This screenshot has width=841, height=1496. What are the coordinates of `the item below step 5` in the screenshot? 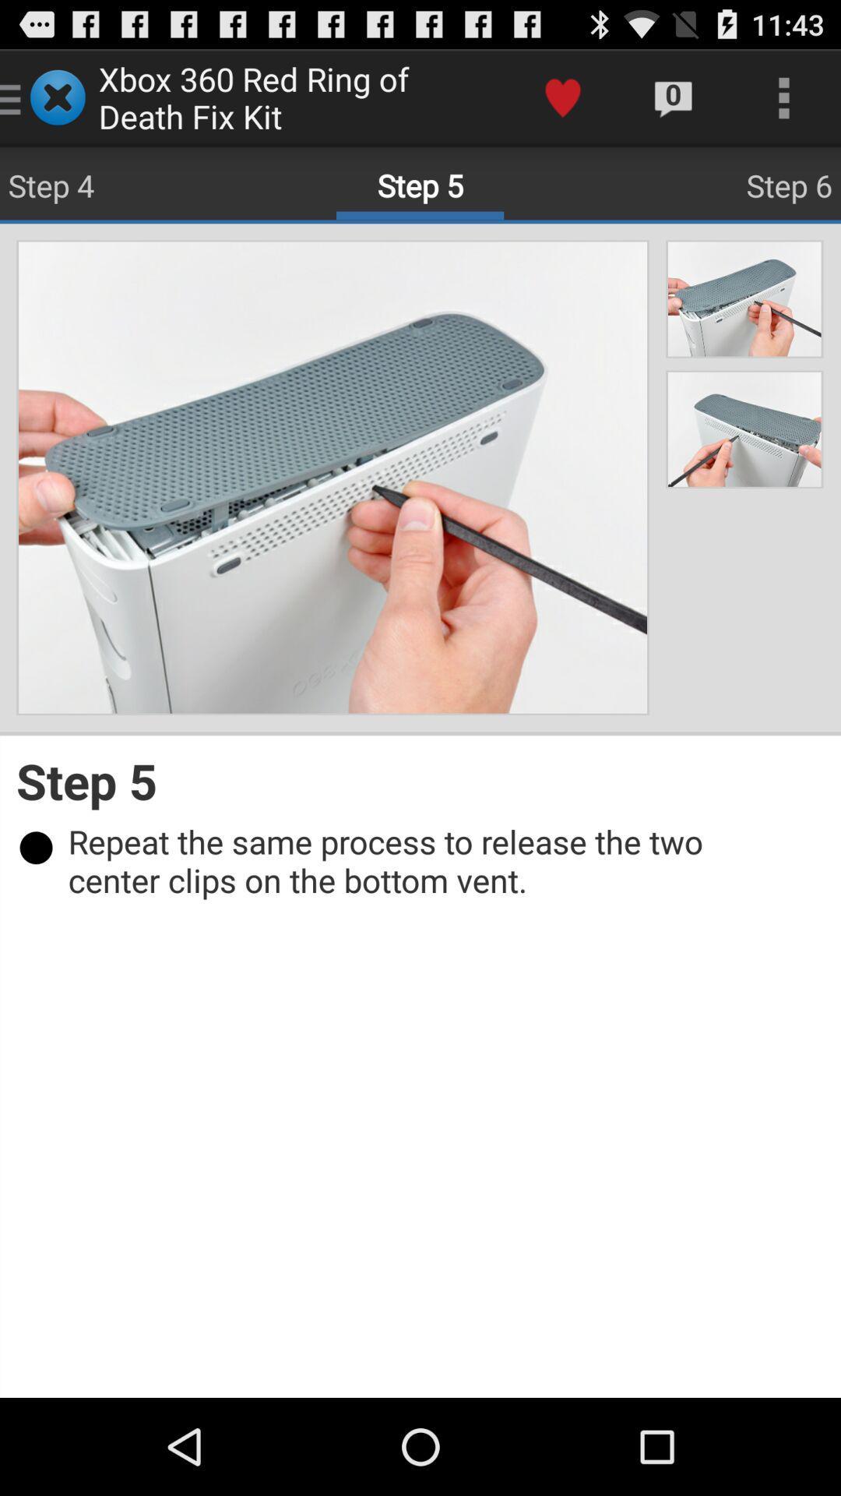 It's located at (428, 859).